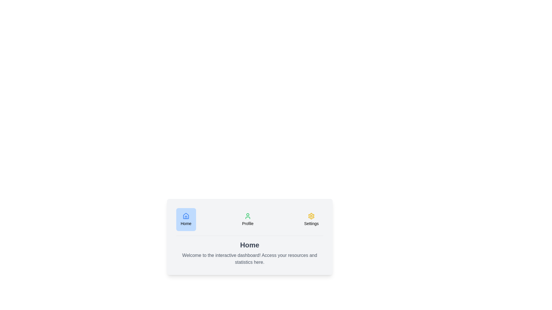 The image size is (552, 310). What do you see at coordinates (247, 219) in the screenshot?
I see `the icon corresponding to Profile to switch to that tab` at bounding box center [247, 219].